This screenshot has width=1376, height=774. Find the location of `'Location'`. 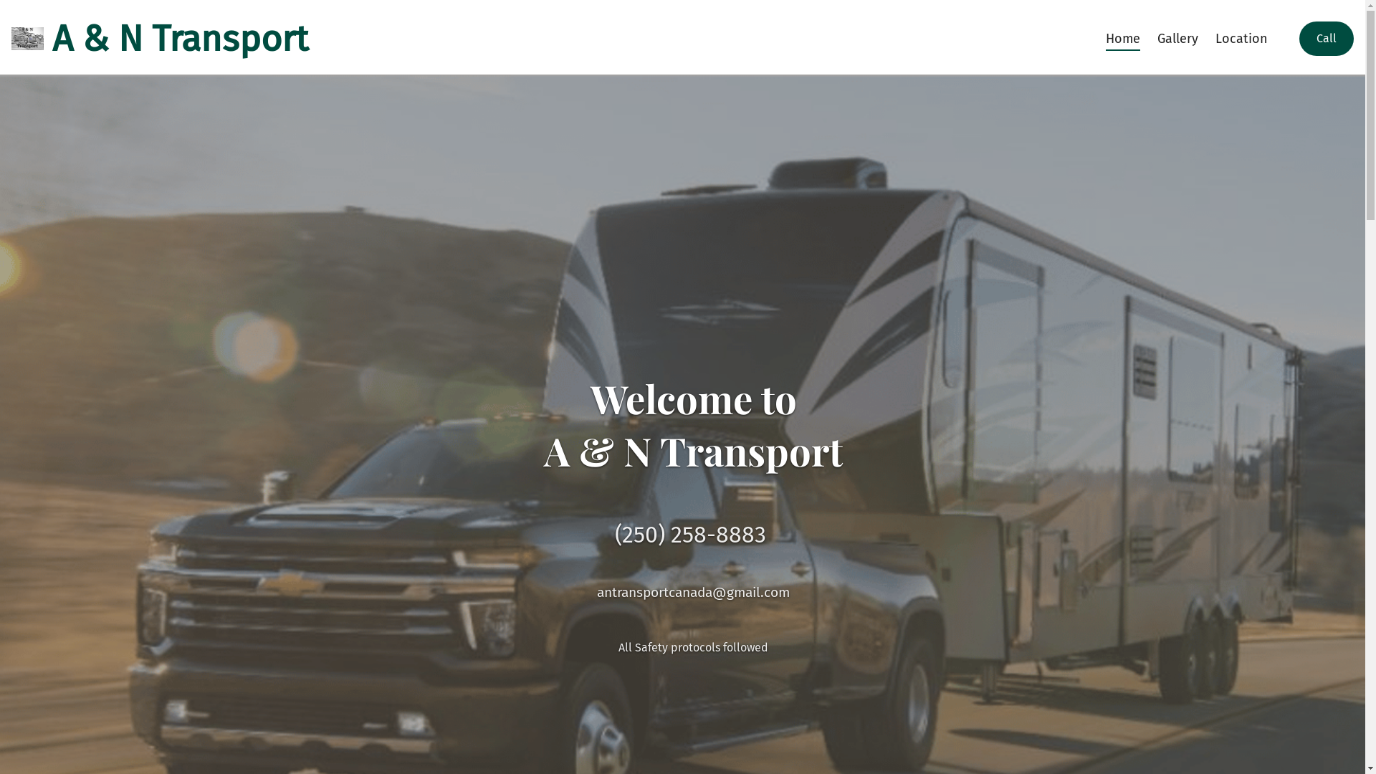

'Location' is located at coordinates (1241, 38).